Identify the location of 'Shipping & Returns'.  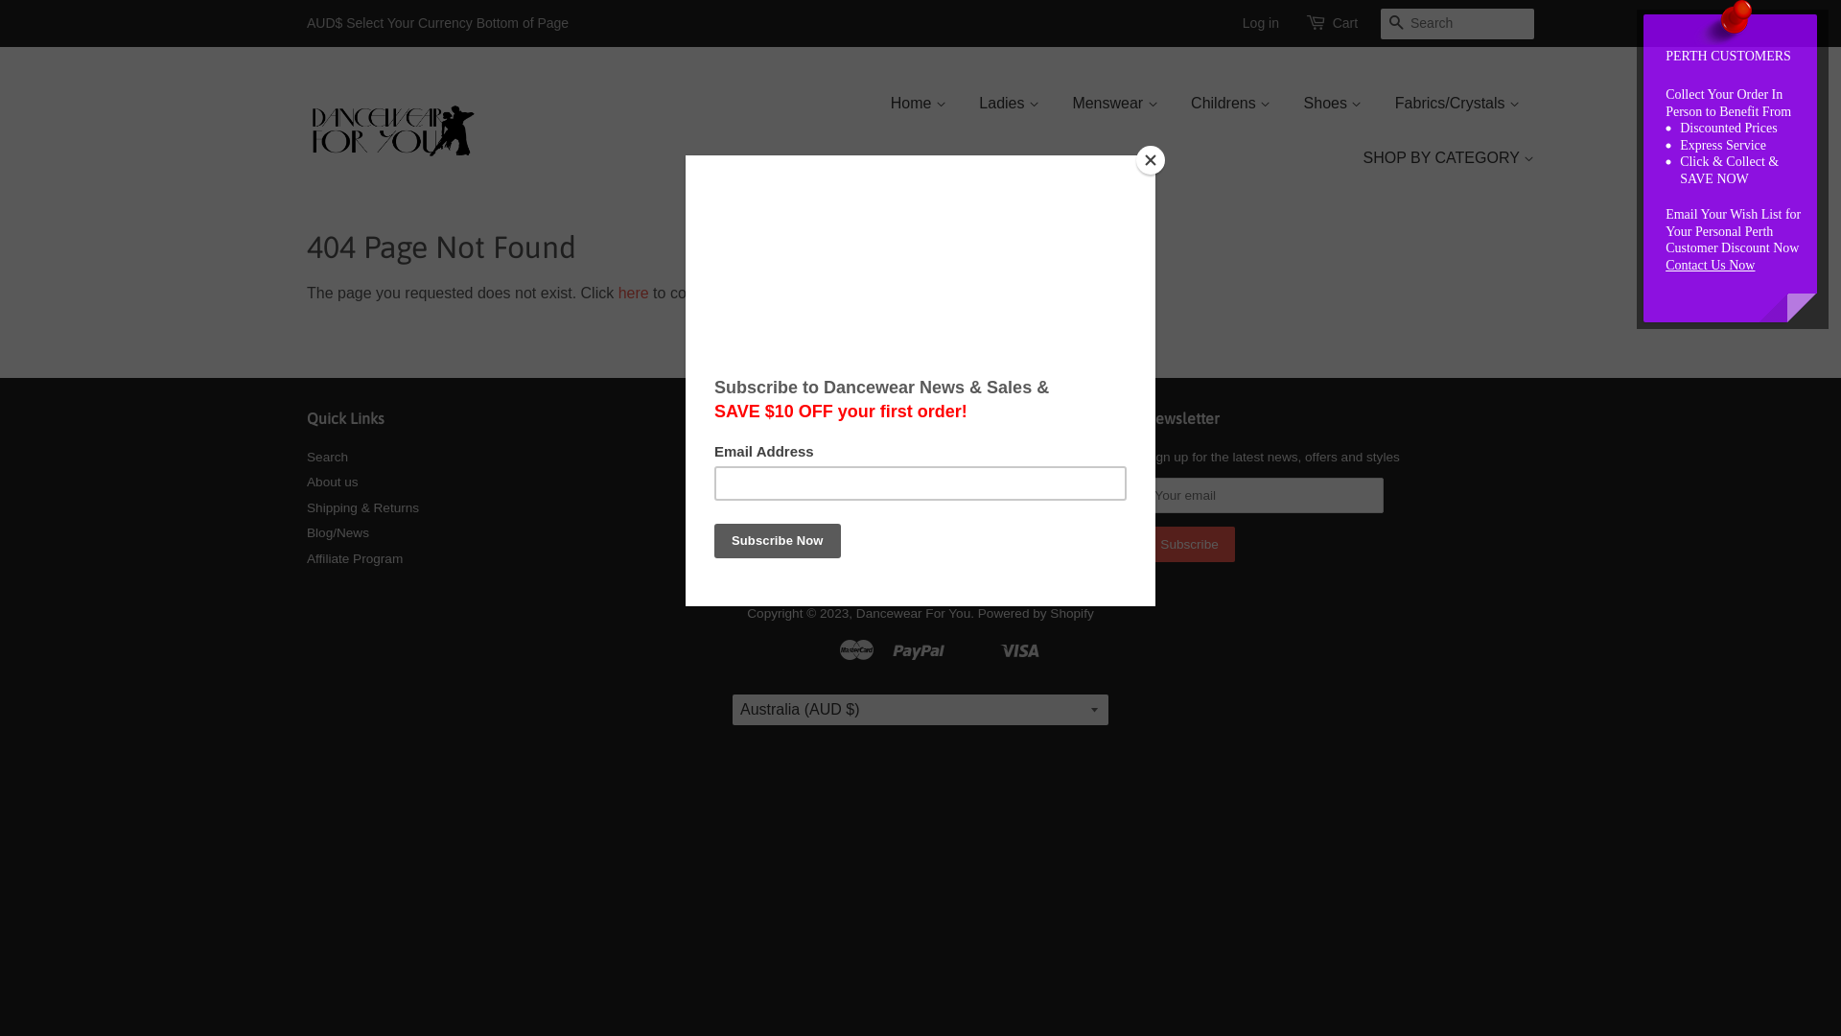
(362, 506).